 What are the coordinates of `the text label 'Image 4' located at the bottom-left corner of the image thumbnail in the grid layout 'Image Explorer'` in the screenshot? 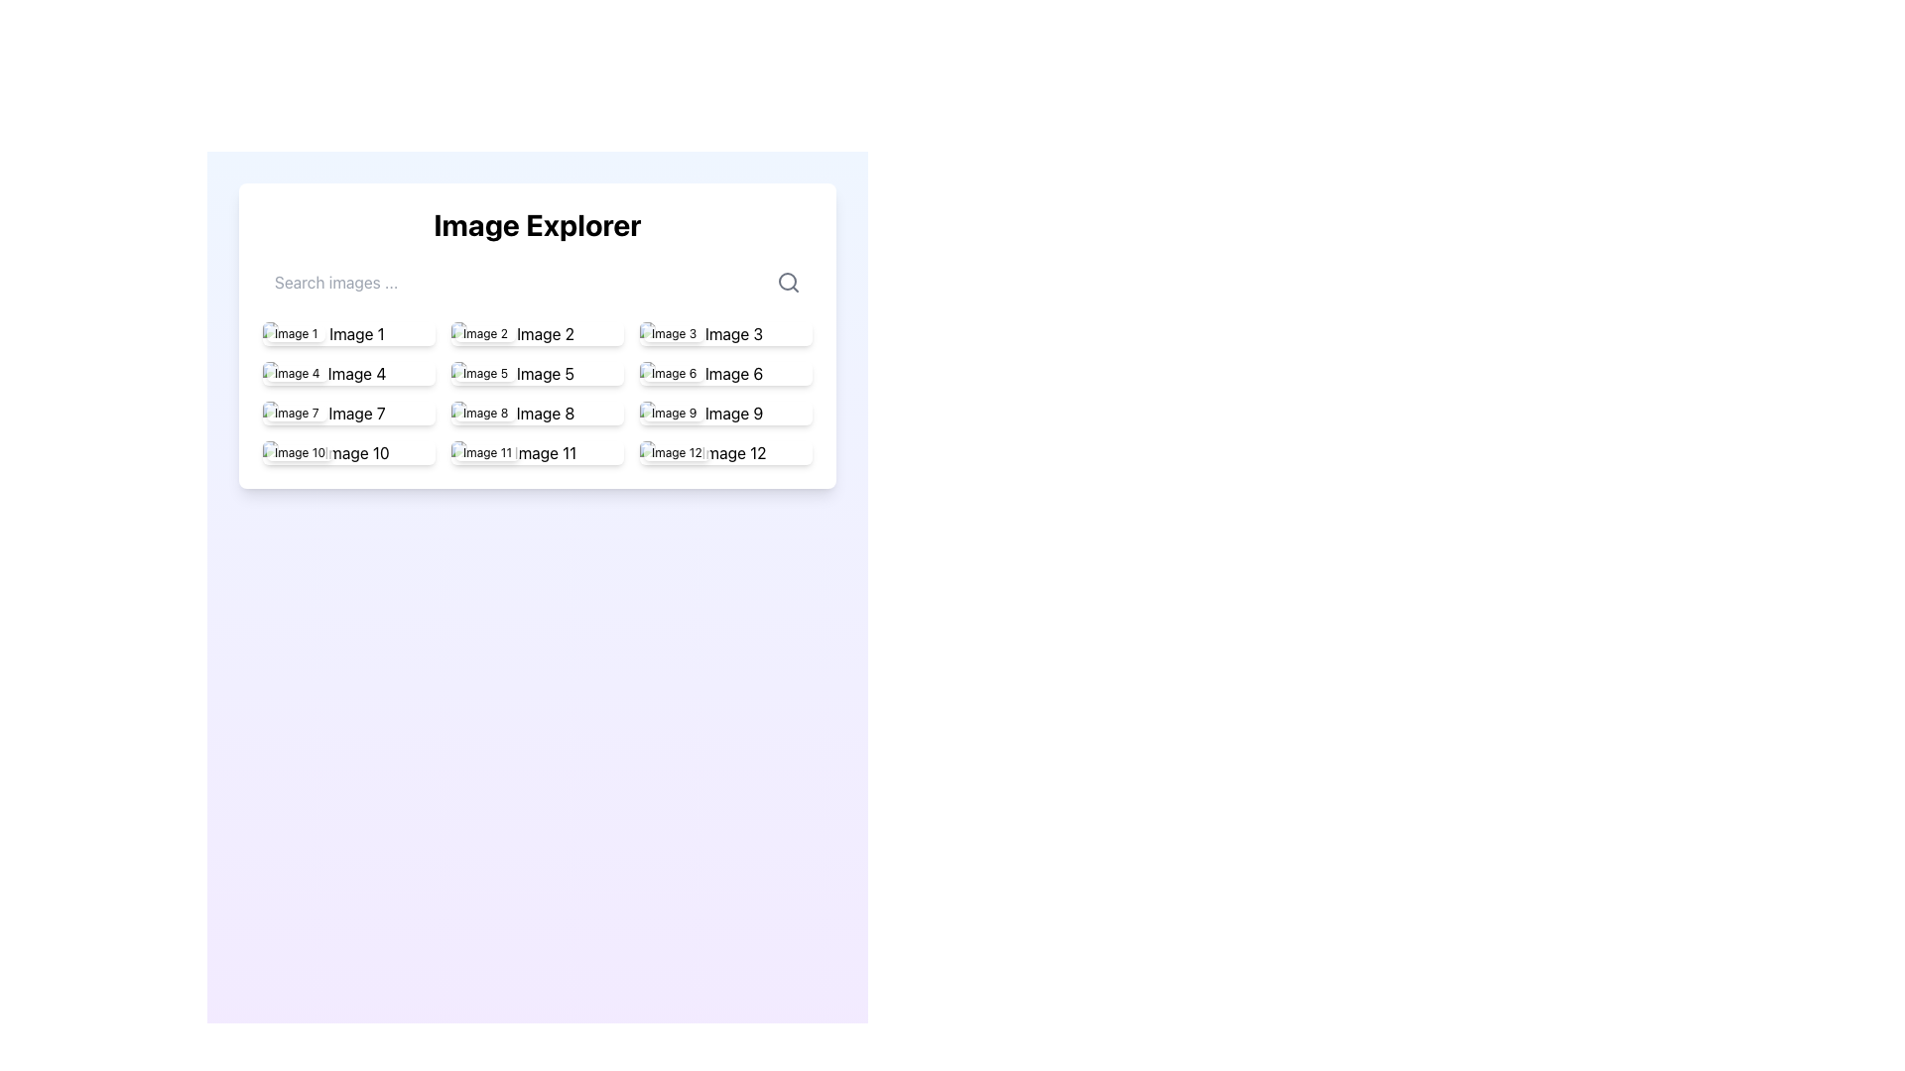 It's located at (296, 374).